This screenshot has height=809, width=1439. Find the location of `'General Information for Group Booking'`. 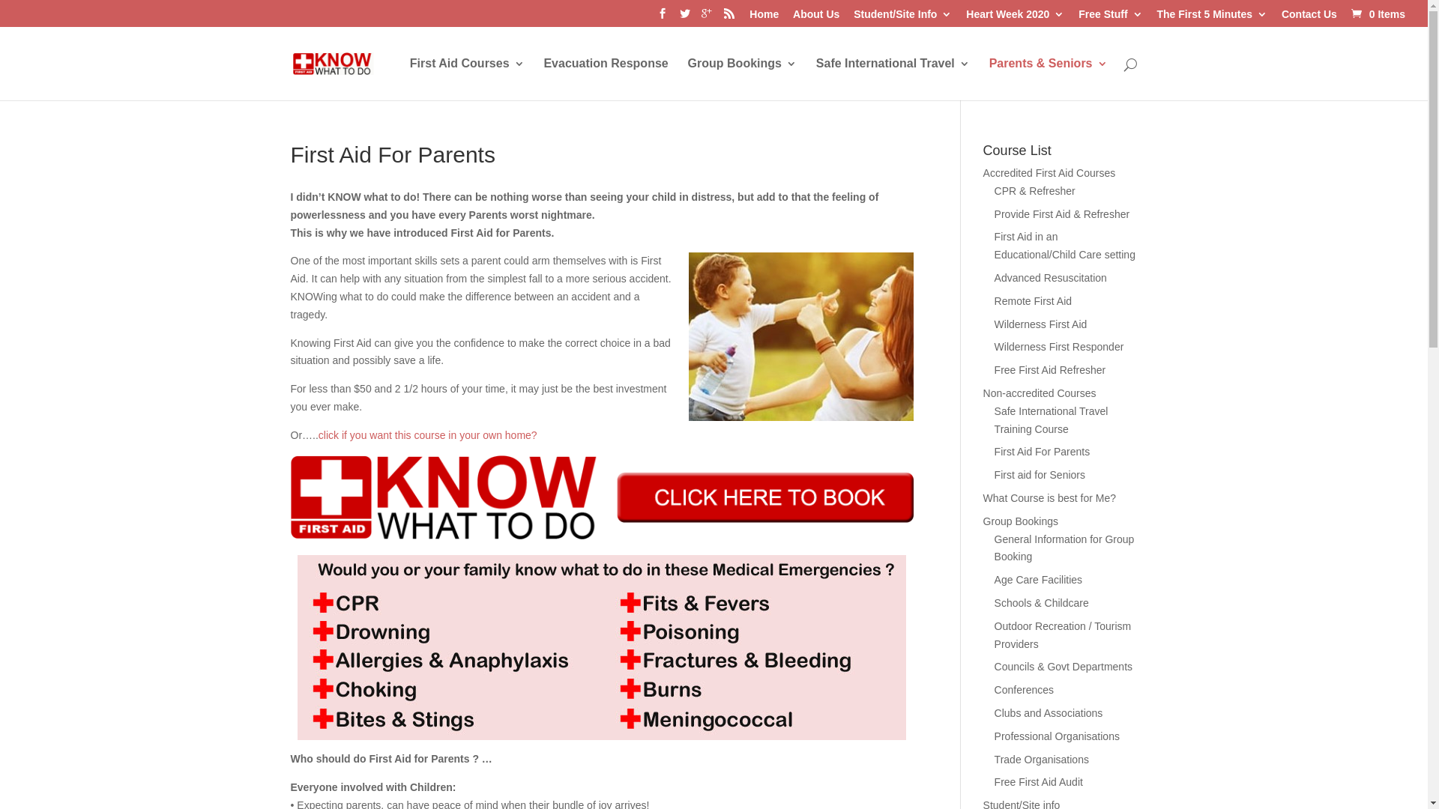

'General Information for Group Booking' is located at coordinates (1064, 548).